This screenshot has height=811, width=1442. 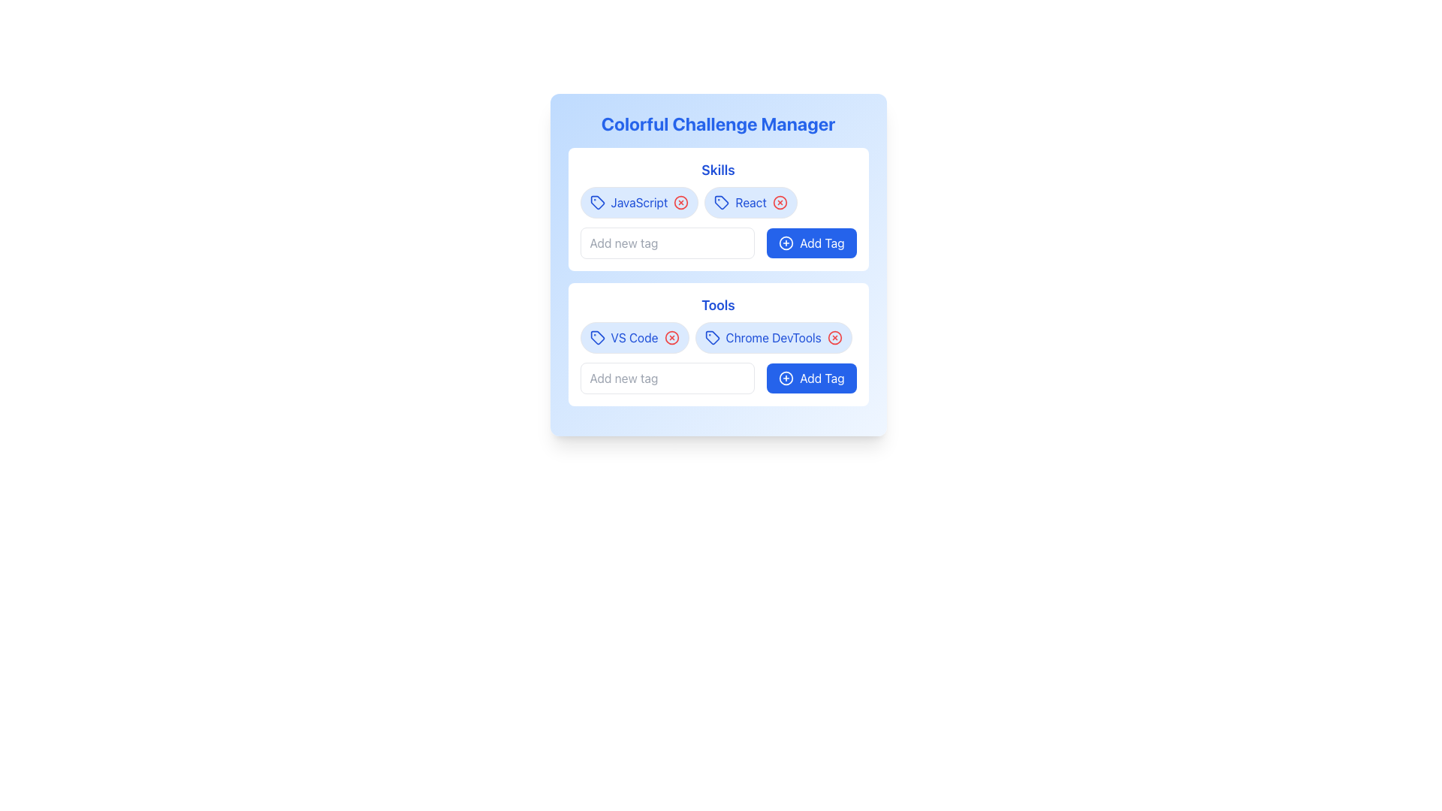 What do you see at coordinates (680, 203) in the screenshot?
I see `the circular icon with a mark next to the 'JavaScript' tag to show additional options` at bounding box center [680, 203].